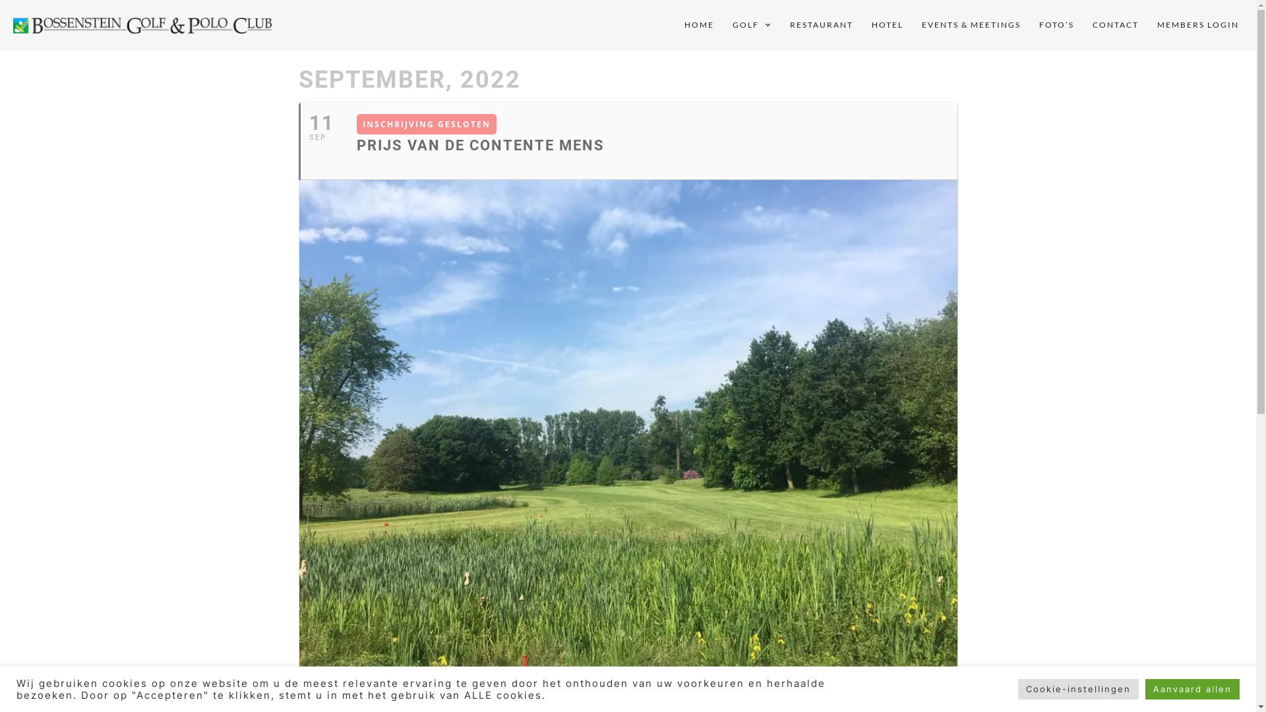 The height and width of the screenshot is (712, 1266). I want to click on 'EVENTS & MEETINGS', so click(971, 25).